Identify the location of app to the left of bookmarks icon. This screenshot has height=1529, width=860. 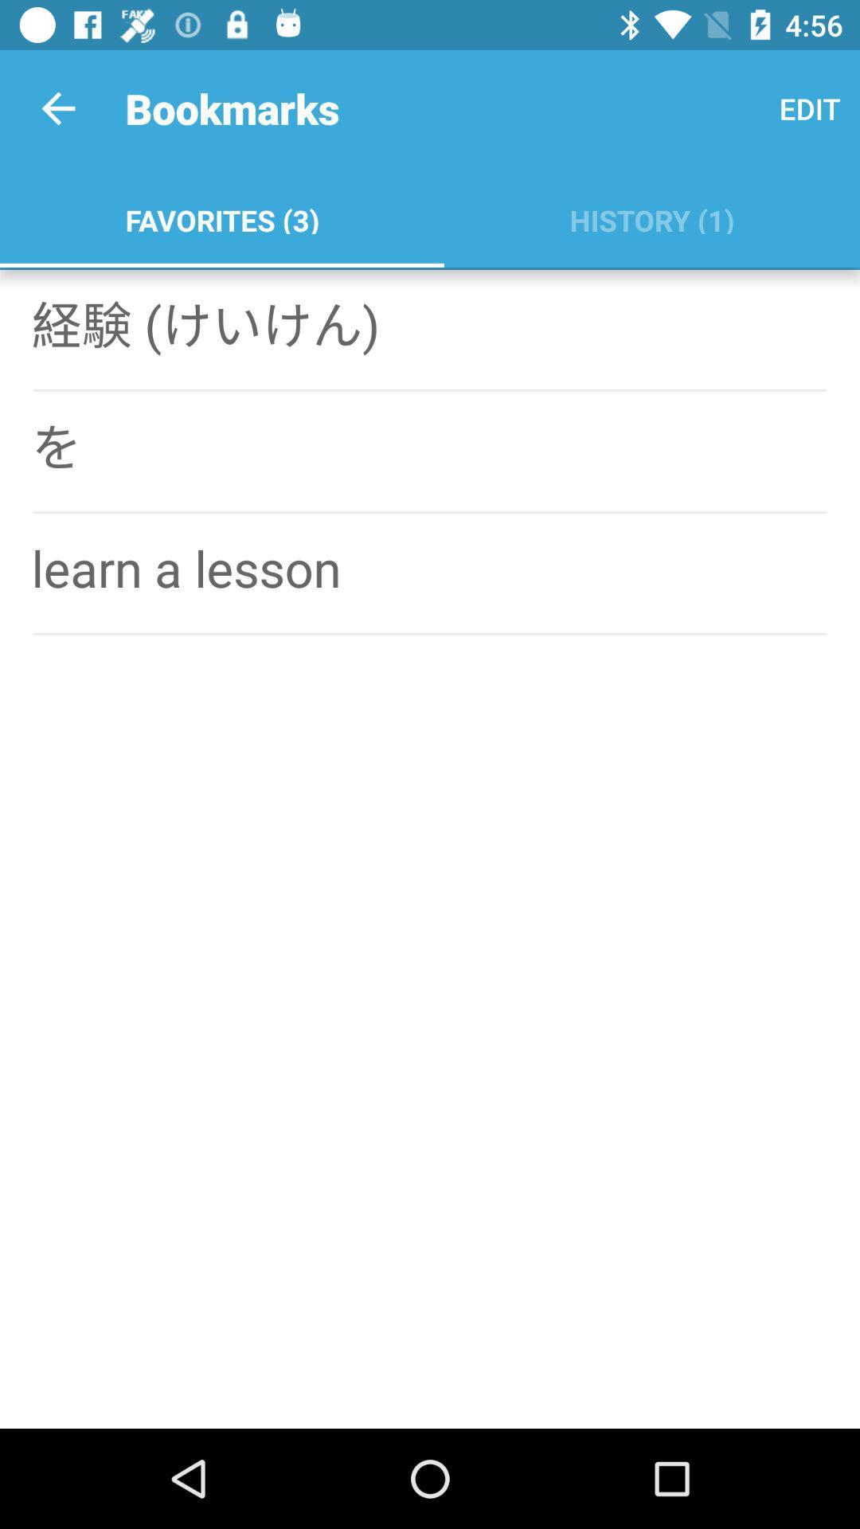
(57, 108).